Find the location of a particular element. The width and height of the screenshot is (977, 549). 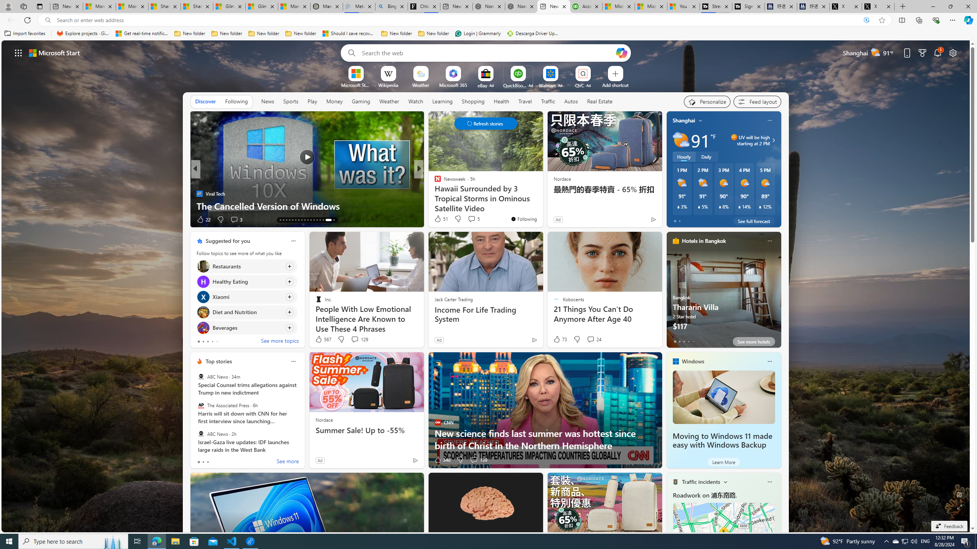

'Hourly' is located at coordinates (684, 156).